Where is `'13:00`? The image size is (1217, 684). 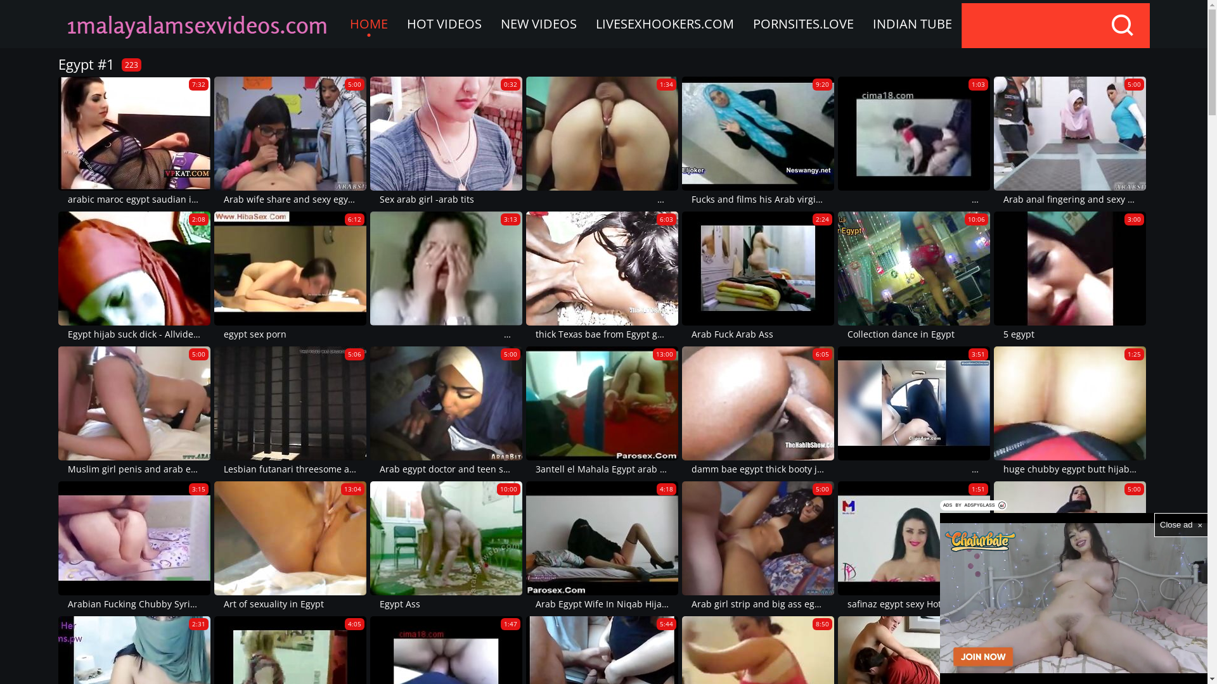 '13:00 is located at coordinates (602, 412).